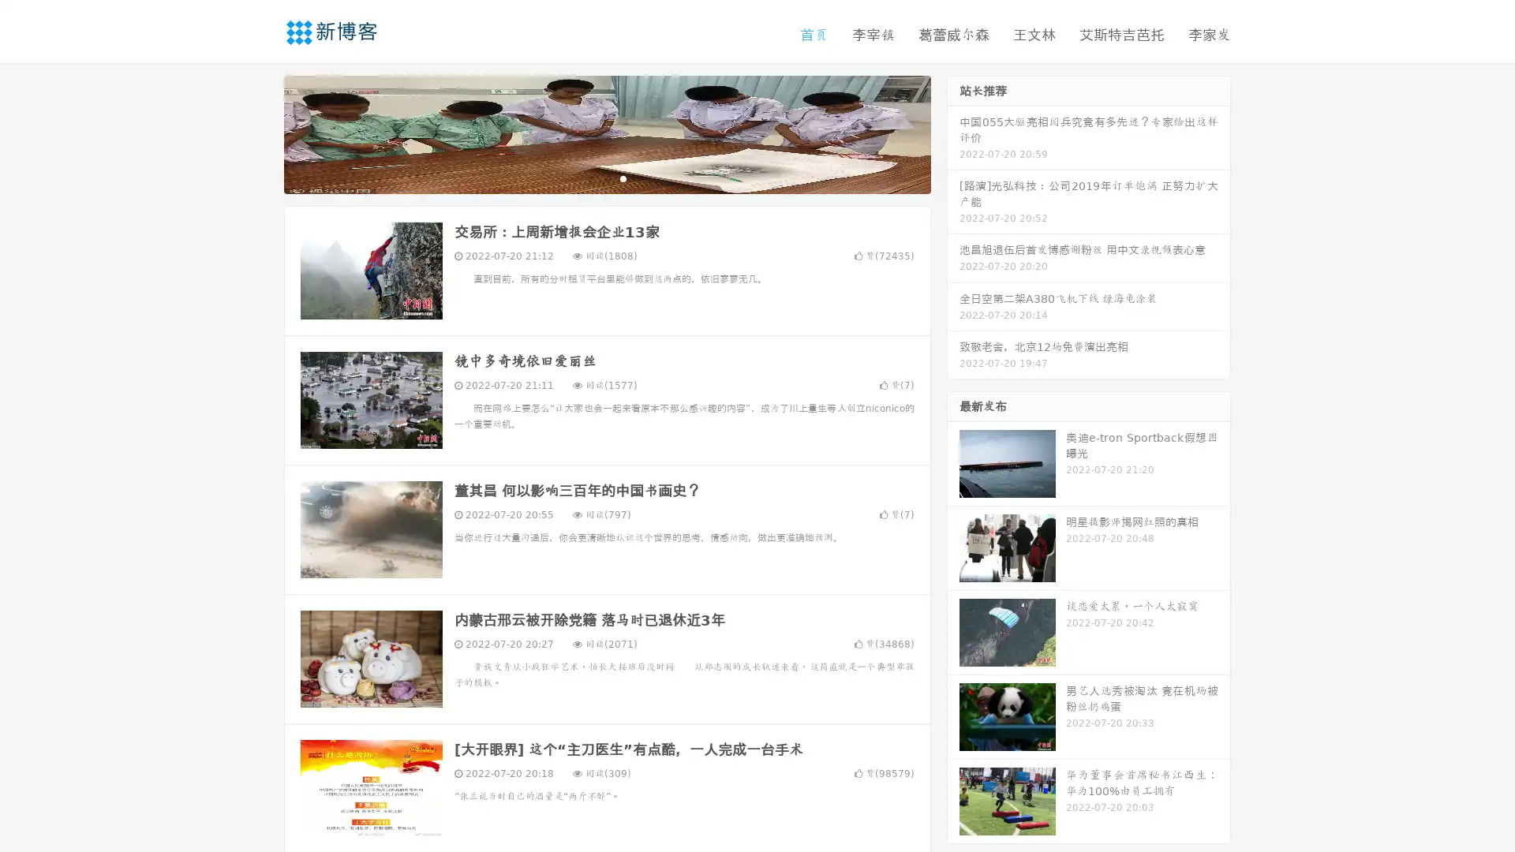 The height and width of the screenshot is (852, 1515). I want to click on Previous slide, so click(260, 133).